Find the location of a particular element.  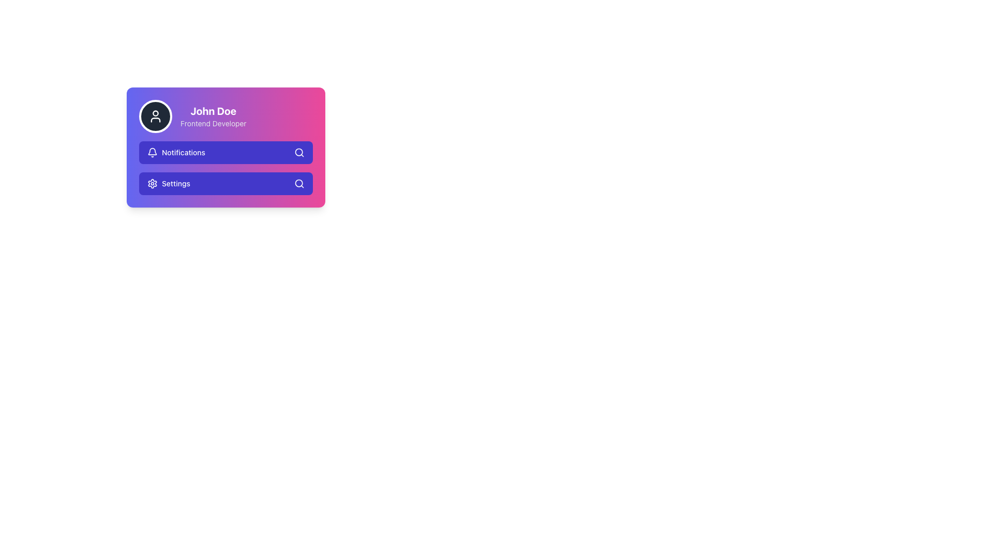

the first button in the vertical stack that navigates to the notifications section is located at coordinates (225, 152).